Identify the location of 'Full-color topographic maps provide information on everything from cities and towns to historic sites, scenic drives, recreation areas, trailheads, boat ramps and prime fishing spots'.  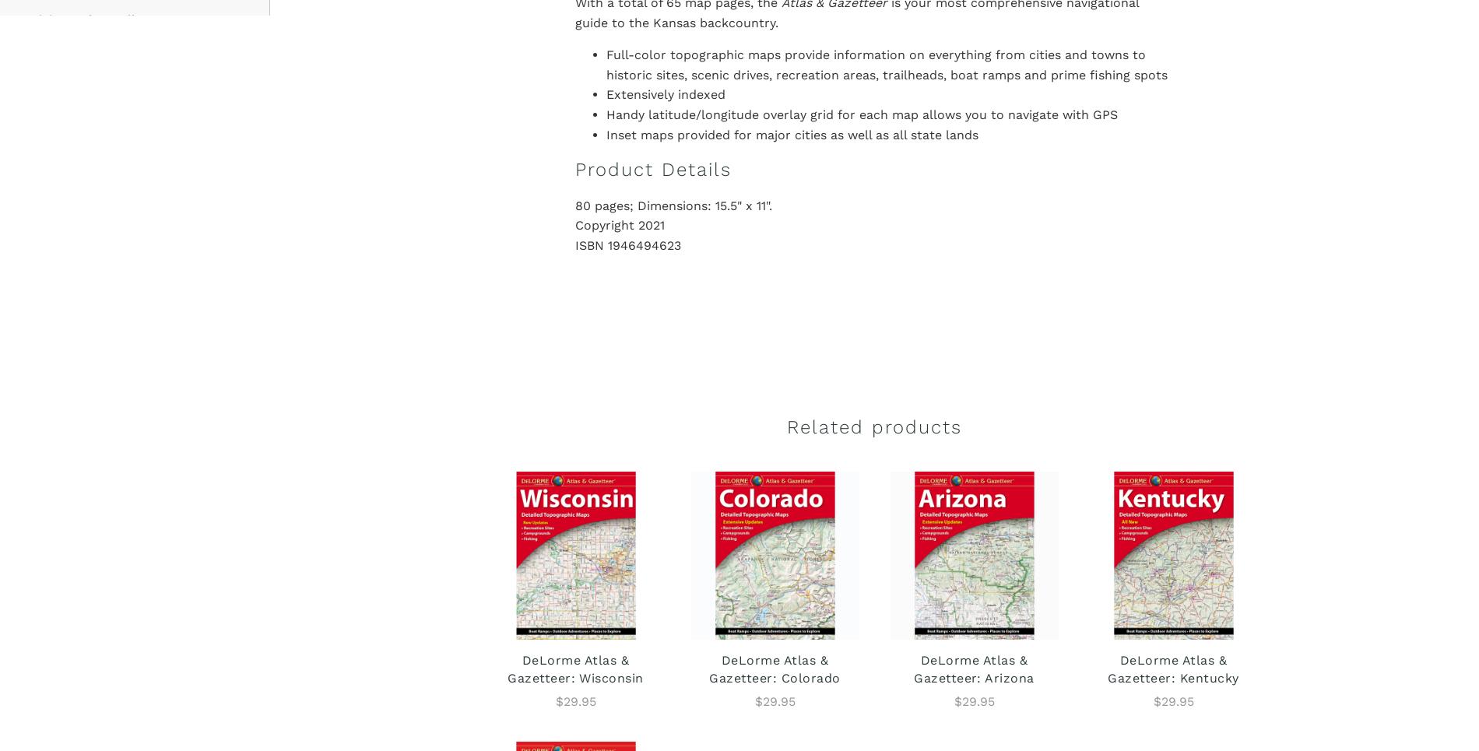
(886, 63).